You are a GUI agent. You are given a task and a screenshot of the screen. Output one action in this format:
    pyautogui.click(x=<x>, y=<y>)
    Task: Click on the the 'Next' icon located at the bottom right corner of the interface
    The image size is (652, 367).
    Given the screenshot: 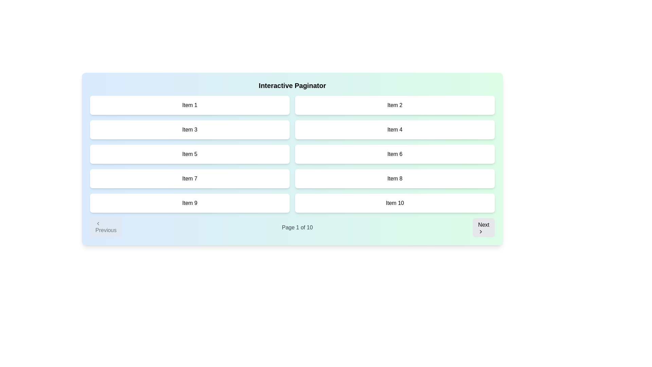 What is the action you would take?
    pyautogui.click(x=481, y=231)
    